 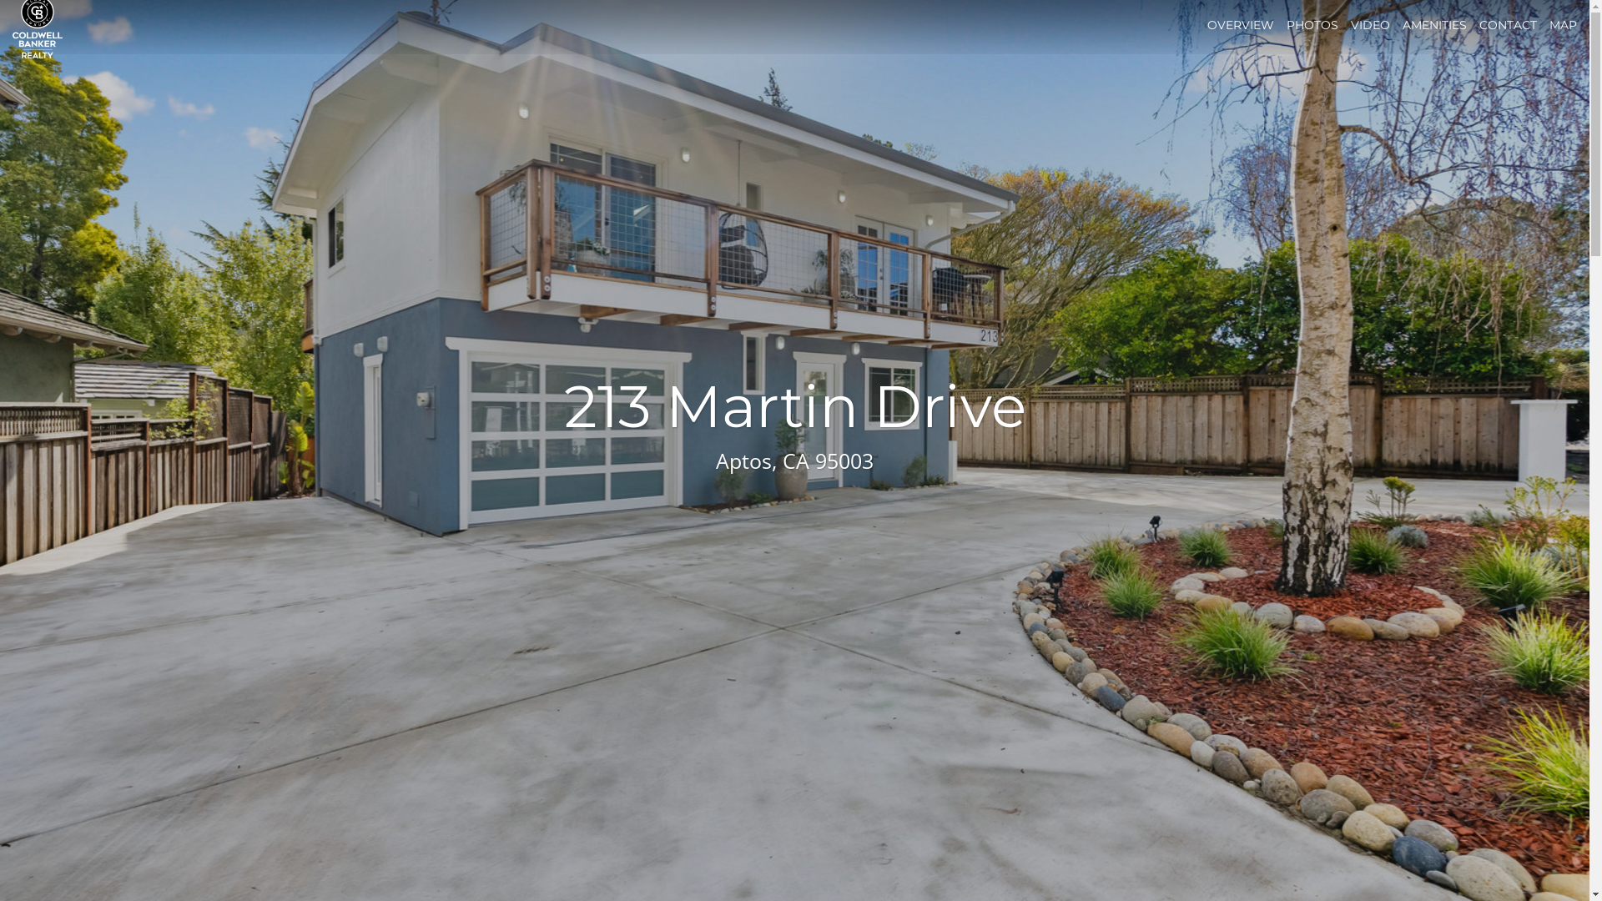 What do you see at coordinates (1508, 25) in the screenshot?
I see `'CONTACT'` at bounding box center [1508, 25].